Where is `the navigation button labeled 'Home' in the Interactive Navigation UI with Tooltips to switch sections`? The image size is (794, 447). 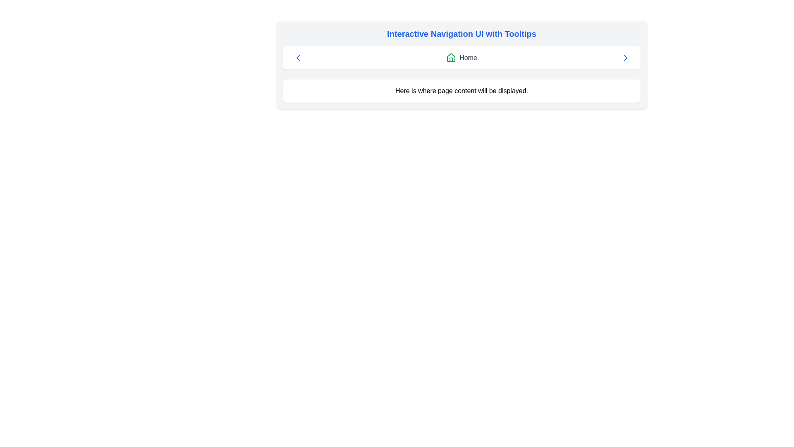 the navigation button labeled 'Home' in the Interactive Navigation UI with Tooltips to switch sections is located at coordinates (461, 65).